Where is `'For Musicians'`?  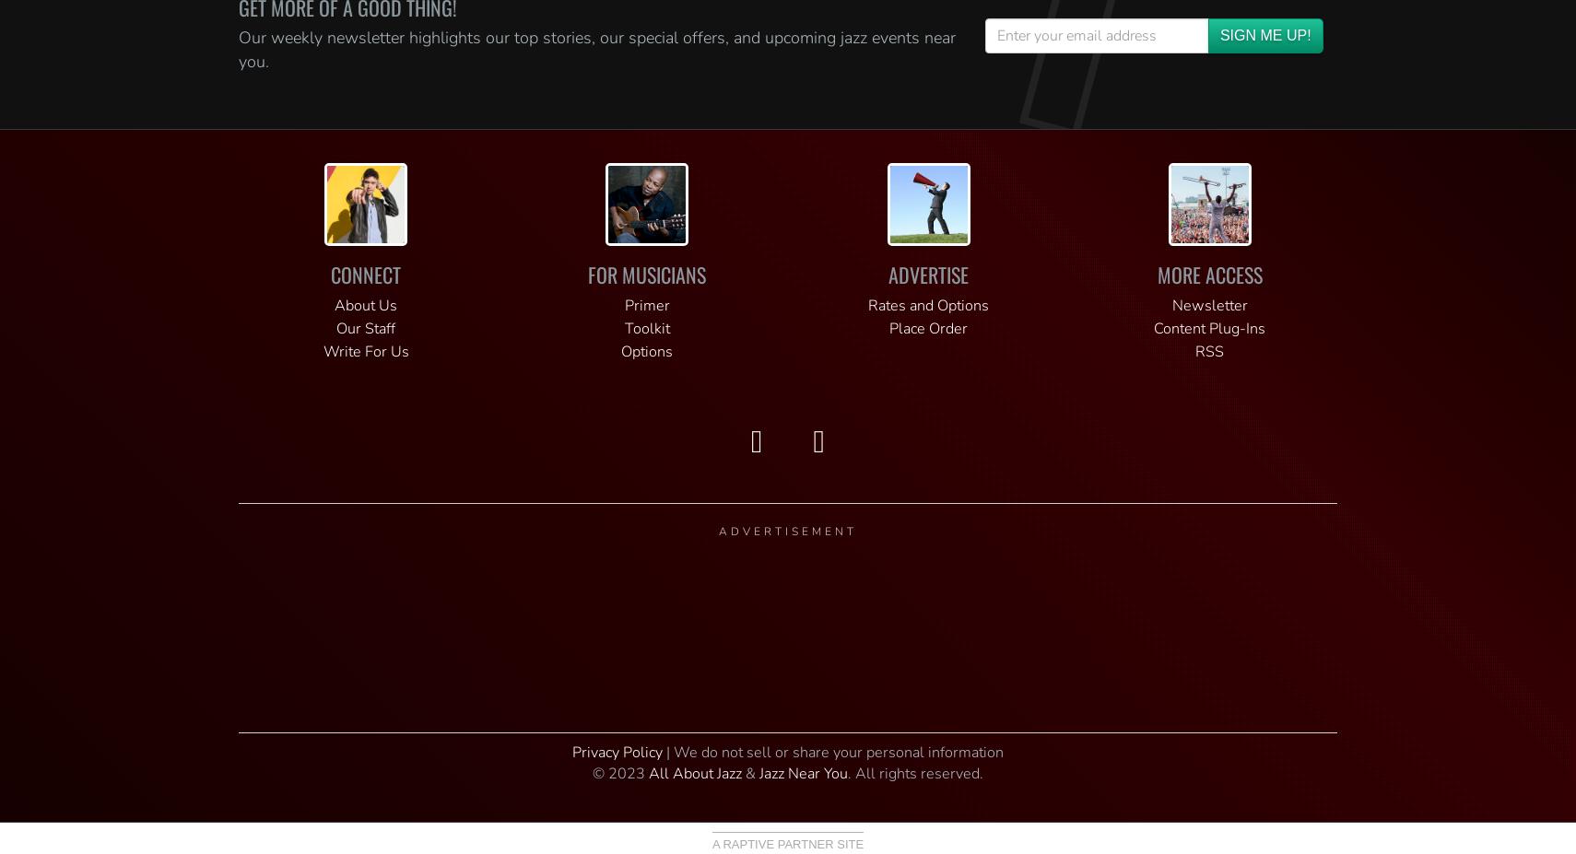
'For Musicians' is located at coordinates (588, 274).